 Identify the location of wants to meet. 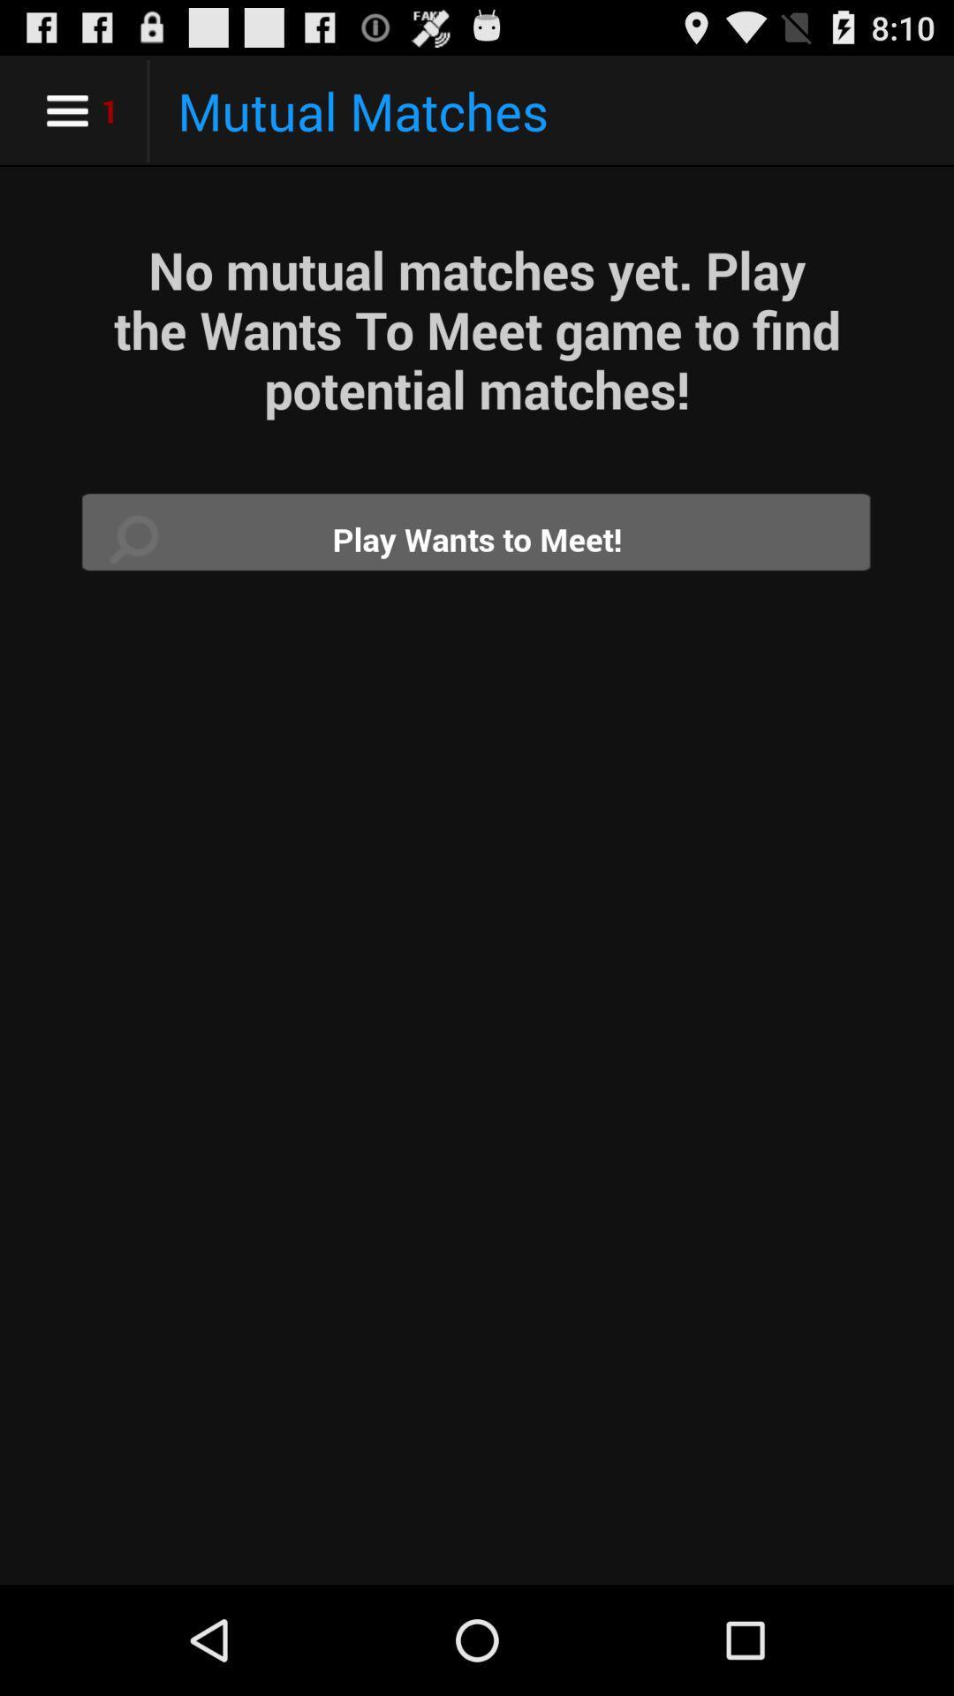
(477, 538).